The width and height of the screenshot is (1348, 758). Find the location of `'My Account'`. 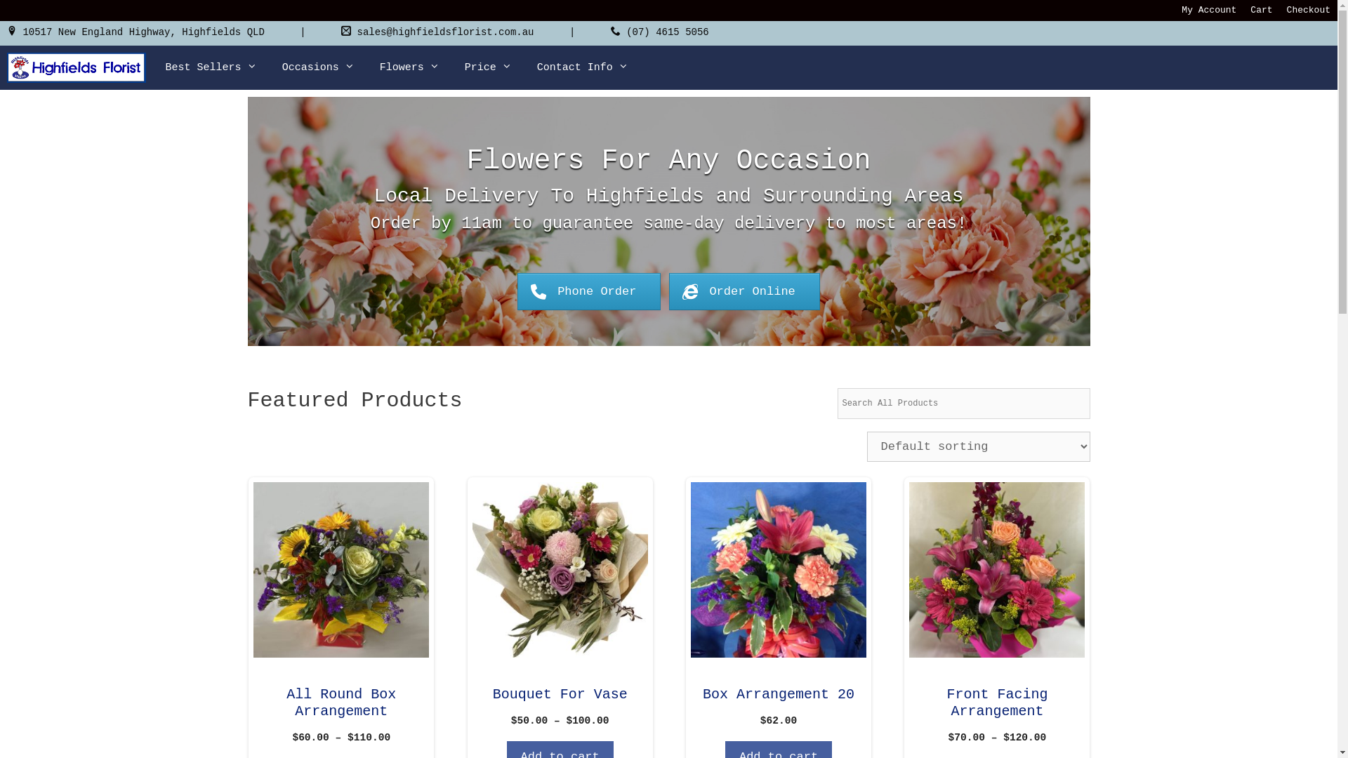

'My Account' is located at coordinates (1208, 10).